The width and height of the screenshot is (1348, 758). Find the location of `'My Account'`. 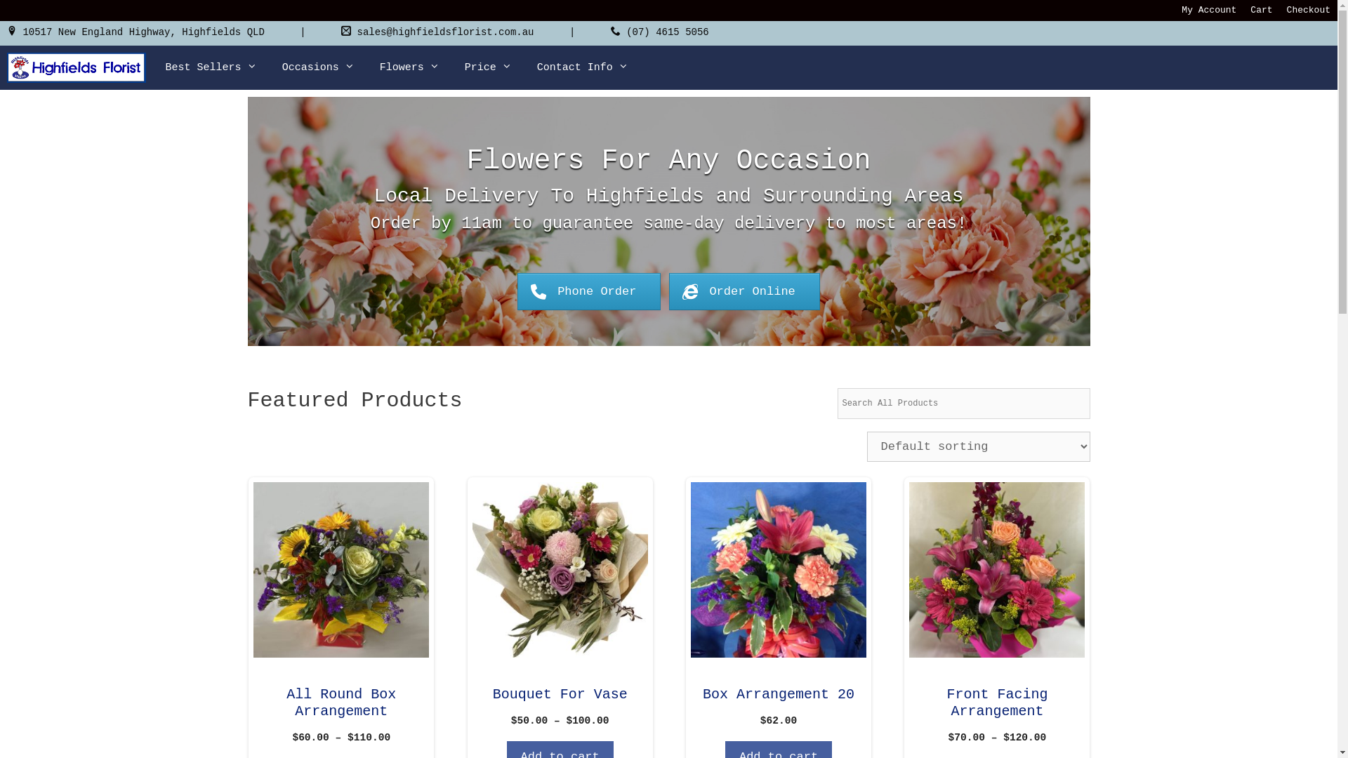

'My Account' is located at coordinates (1208, 10).